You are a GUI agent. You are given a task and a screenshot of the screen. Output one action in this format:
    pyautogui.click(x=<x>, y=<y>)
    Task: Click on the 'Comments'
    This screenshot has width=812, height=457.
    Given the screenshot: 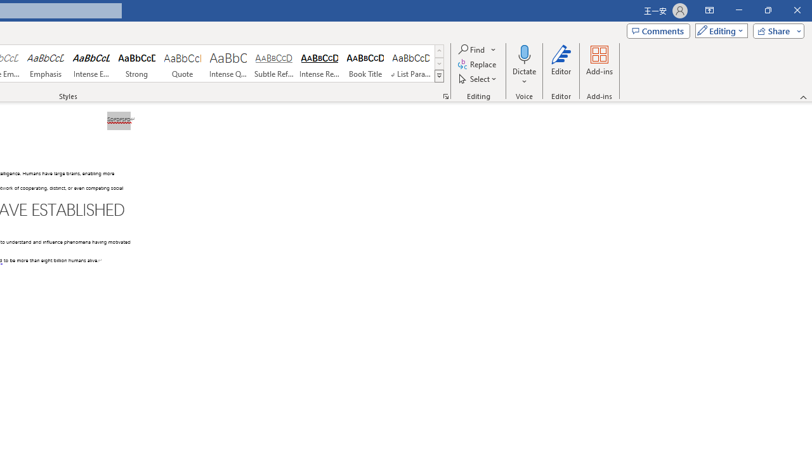 What is the action you would take?
    pyautogui.click(x=658, y=30)
    